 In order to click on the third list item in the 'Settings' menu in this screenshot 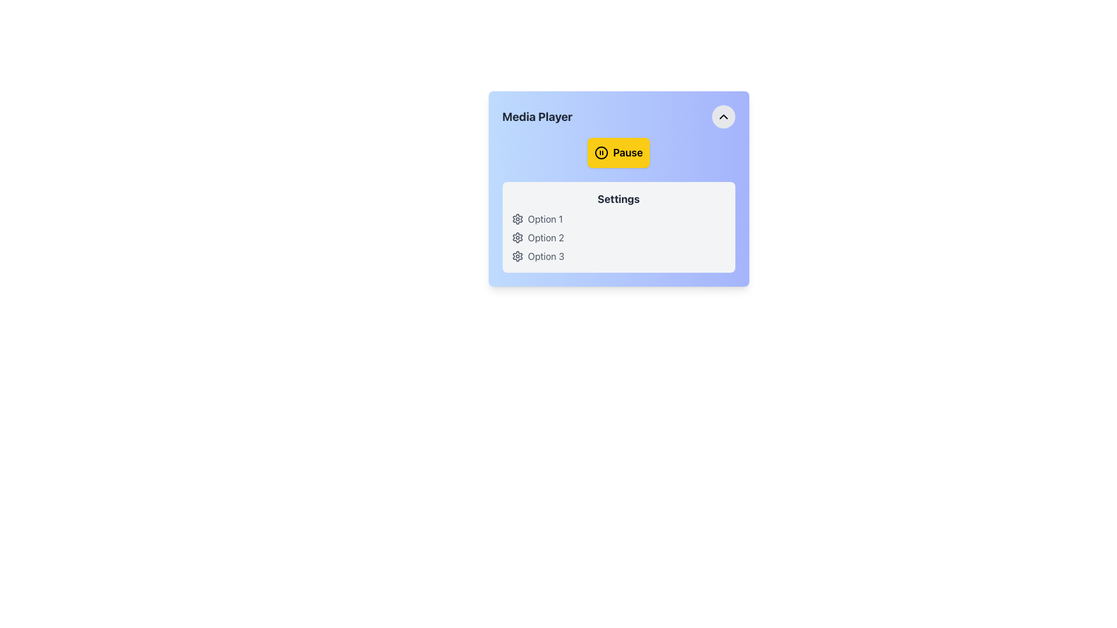, I will do `click(618, 255)`.